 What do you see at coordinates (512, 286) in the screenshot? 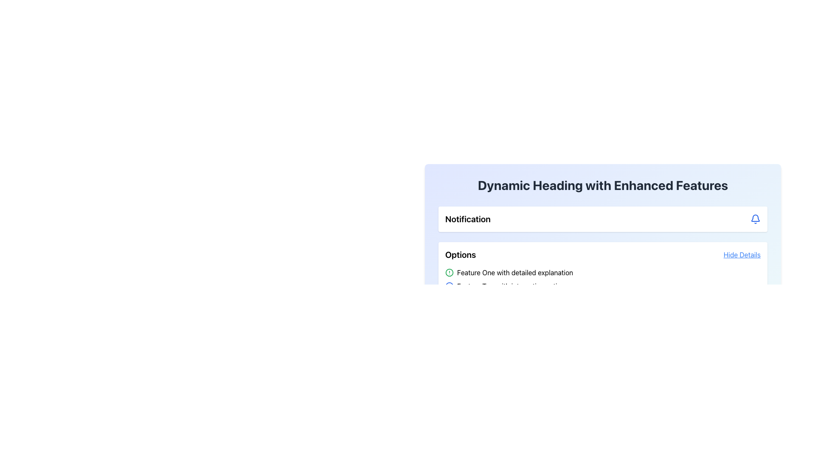
I see `the descriptive label for the second feature in the list under the 'Options' header, located below 'Feature One with detailed explanation'` at bounding box center [512, 286].